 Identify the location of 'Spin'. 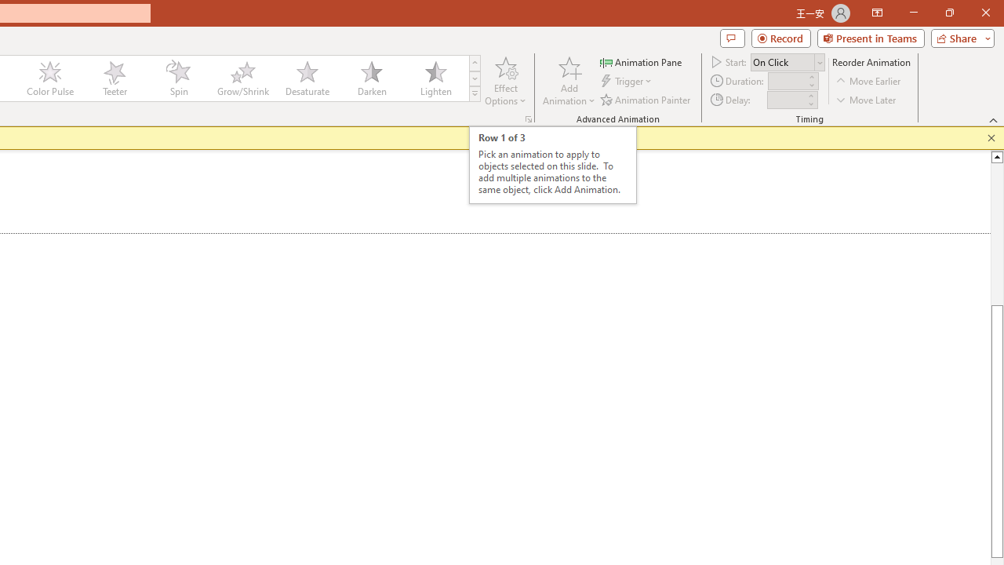
(178, 78).